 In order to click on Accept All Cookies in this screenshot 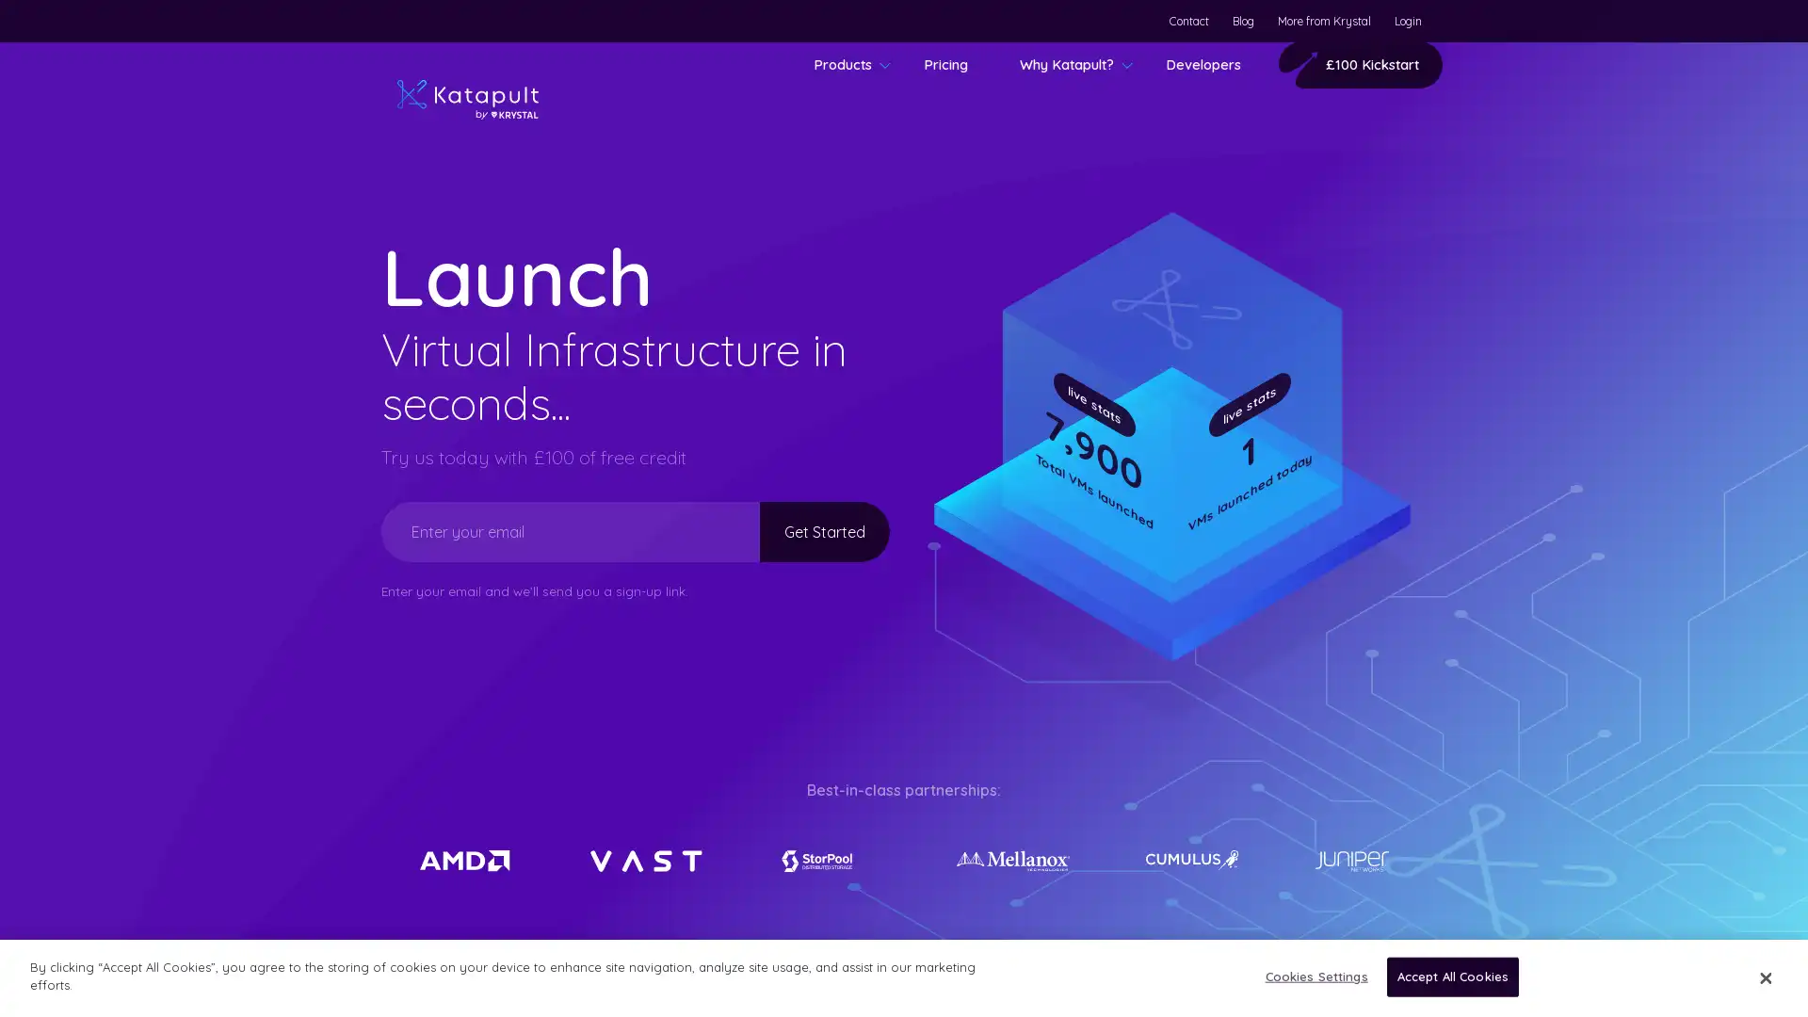, I will do `click(1451, 976)`.